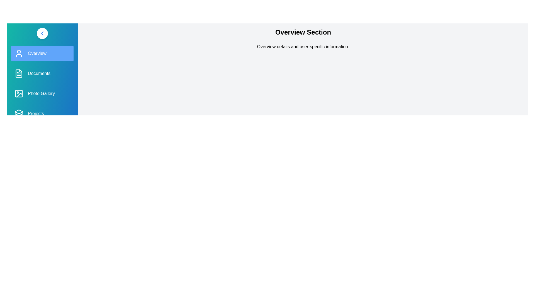 Image resolution: width=535 pixels, height=301 pixels. What do you see at coordinates (42, 54) in the screenshot?
I see `the navigation item Overview from the list` at bounding box center [42, 54].